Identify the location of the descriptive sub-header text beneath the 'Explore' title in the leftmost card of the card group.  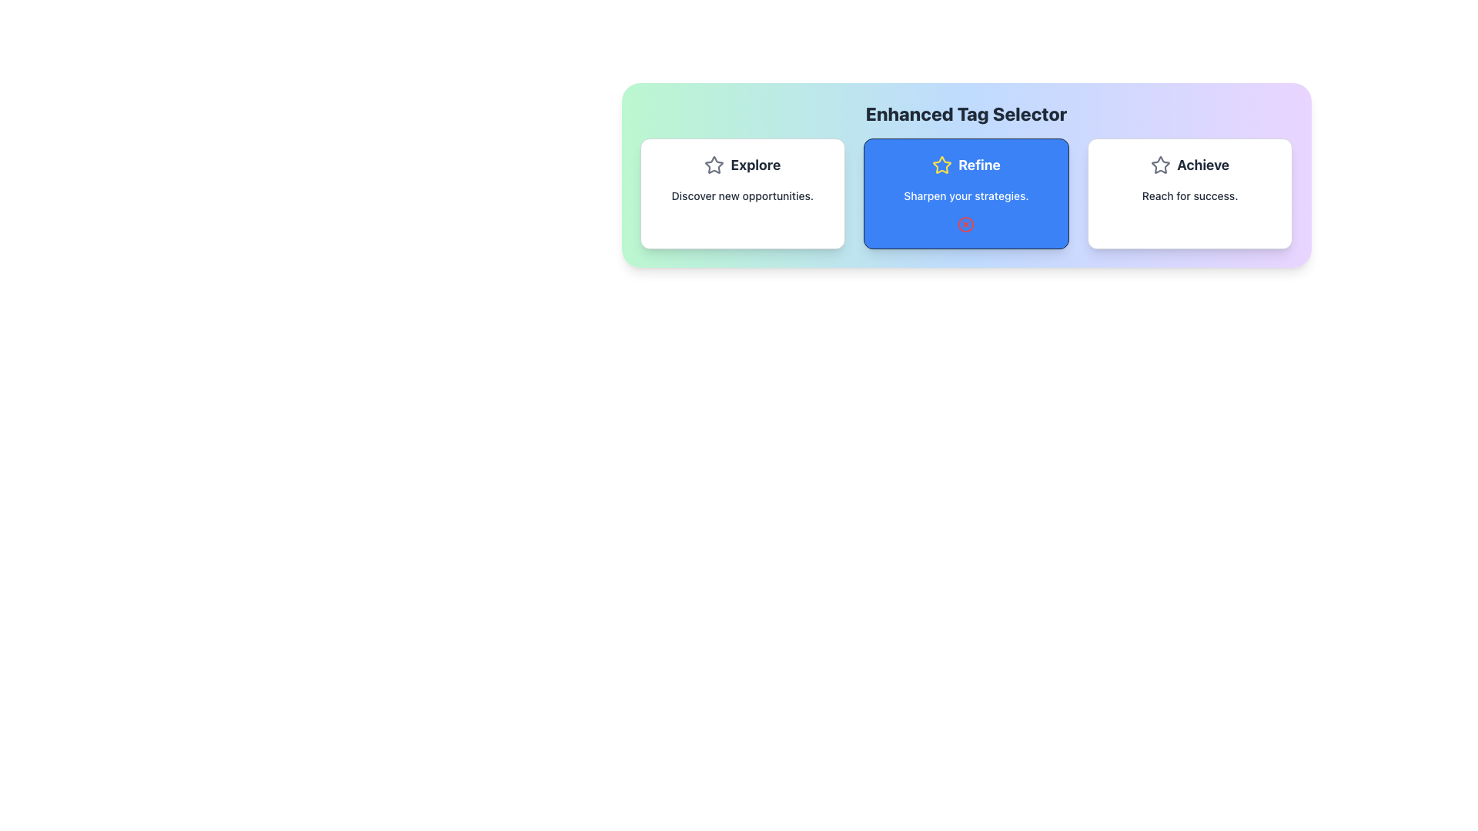
(742, 195).